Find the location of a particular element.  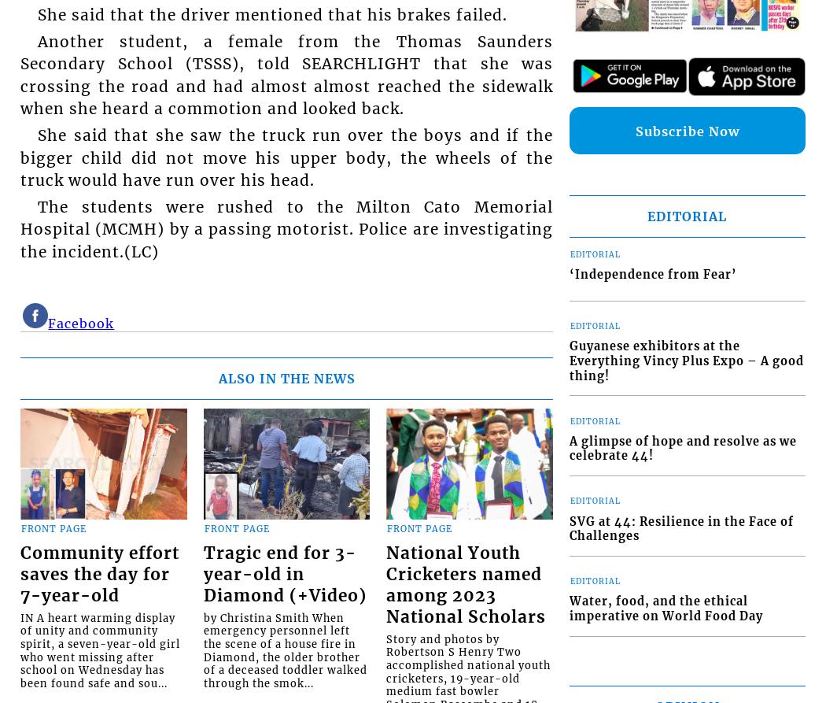

'Community effort saves the day for 7-year-old' is located at coordinates (99, 573).